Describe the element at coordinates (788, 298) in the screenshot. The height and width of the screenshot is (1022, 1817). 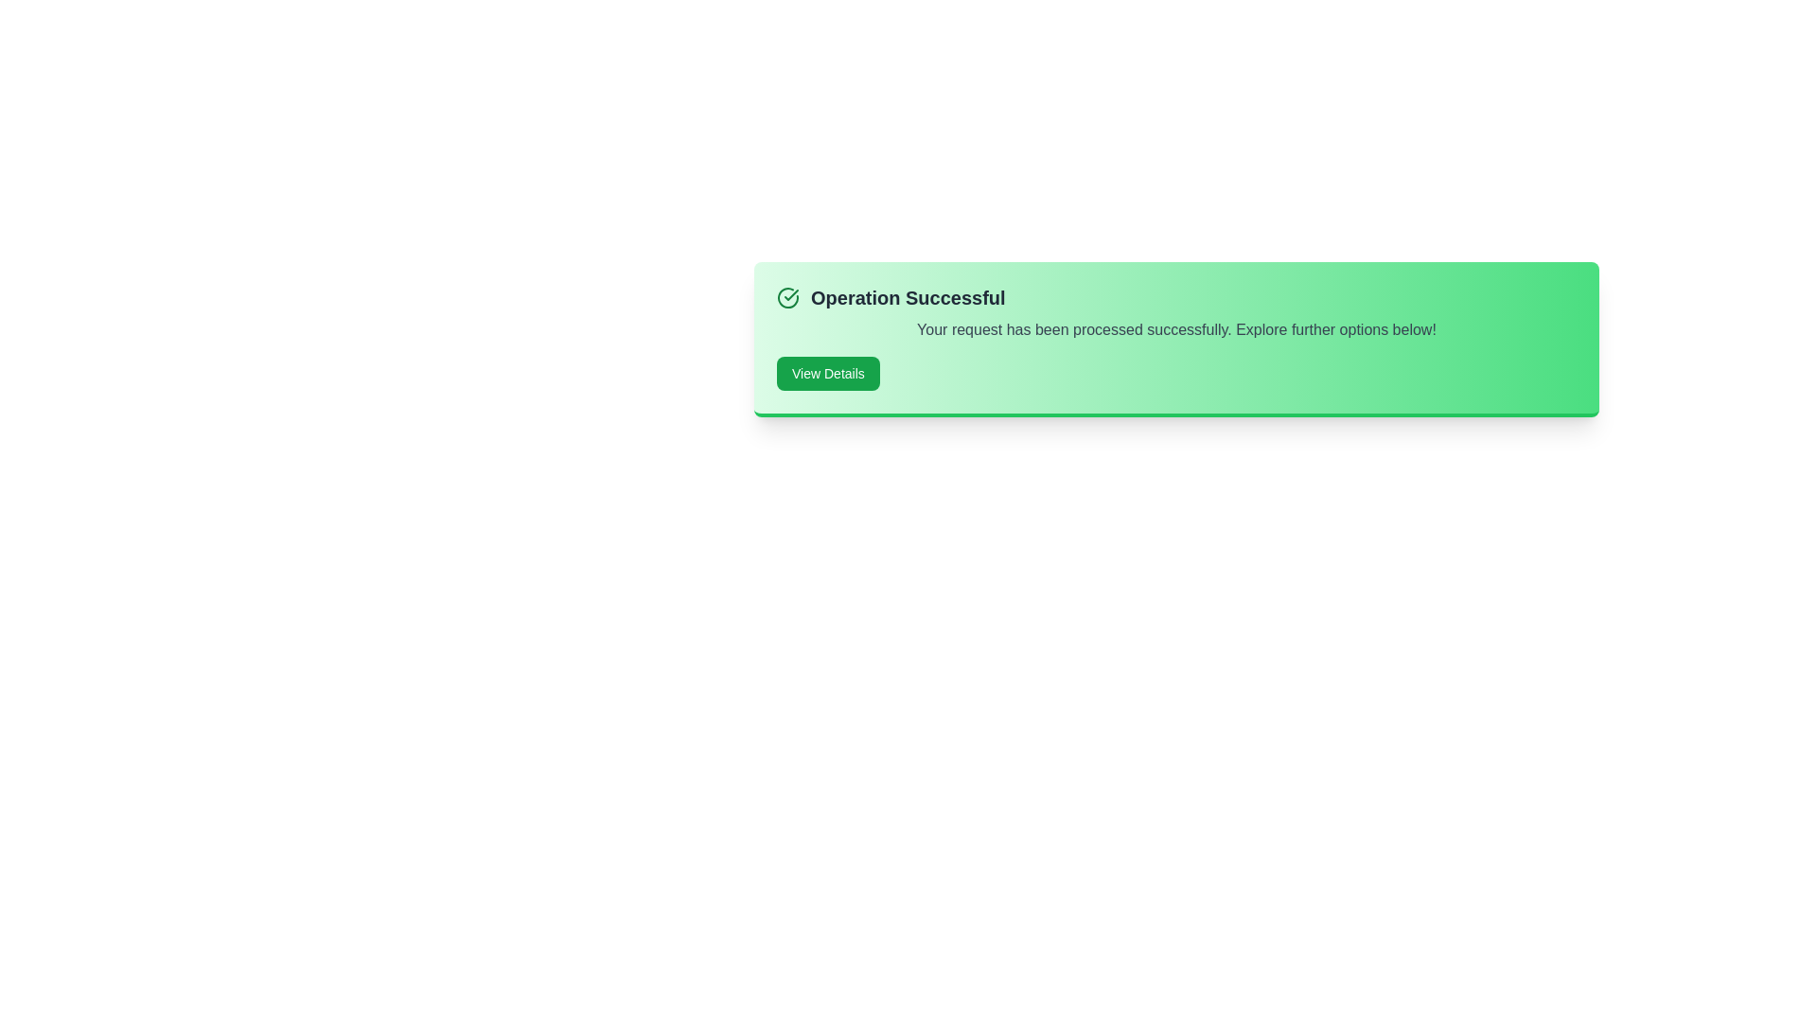
I see `icon next to the alert title` at that location.